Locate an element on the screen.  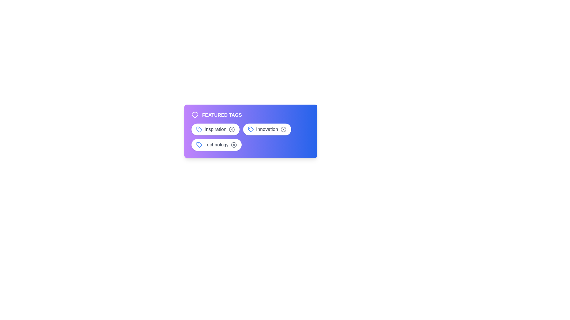
the small circular button with a grey outline and an 'X' mark in the center, located on the right side of the 'Innovation' tag is located at coordinates (283, 129).